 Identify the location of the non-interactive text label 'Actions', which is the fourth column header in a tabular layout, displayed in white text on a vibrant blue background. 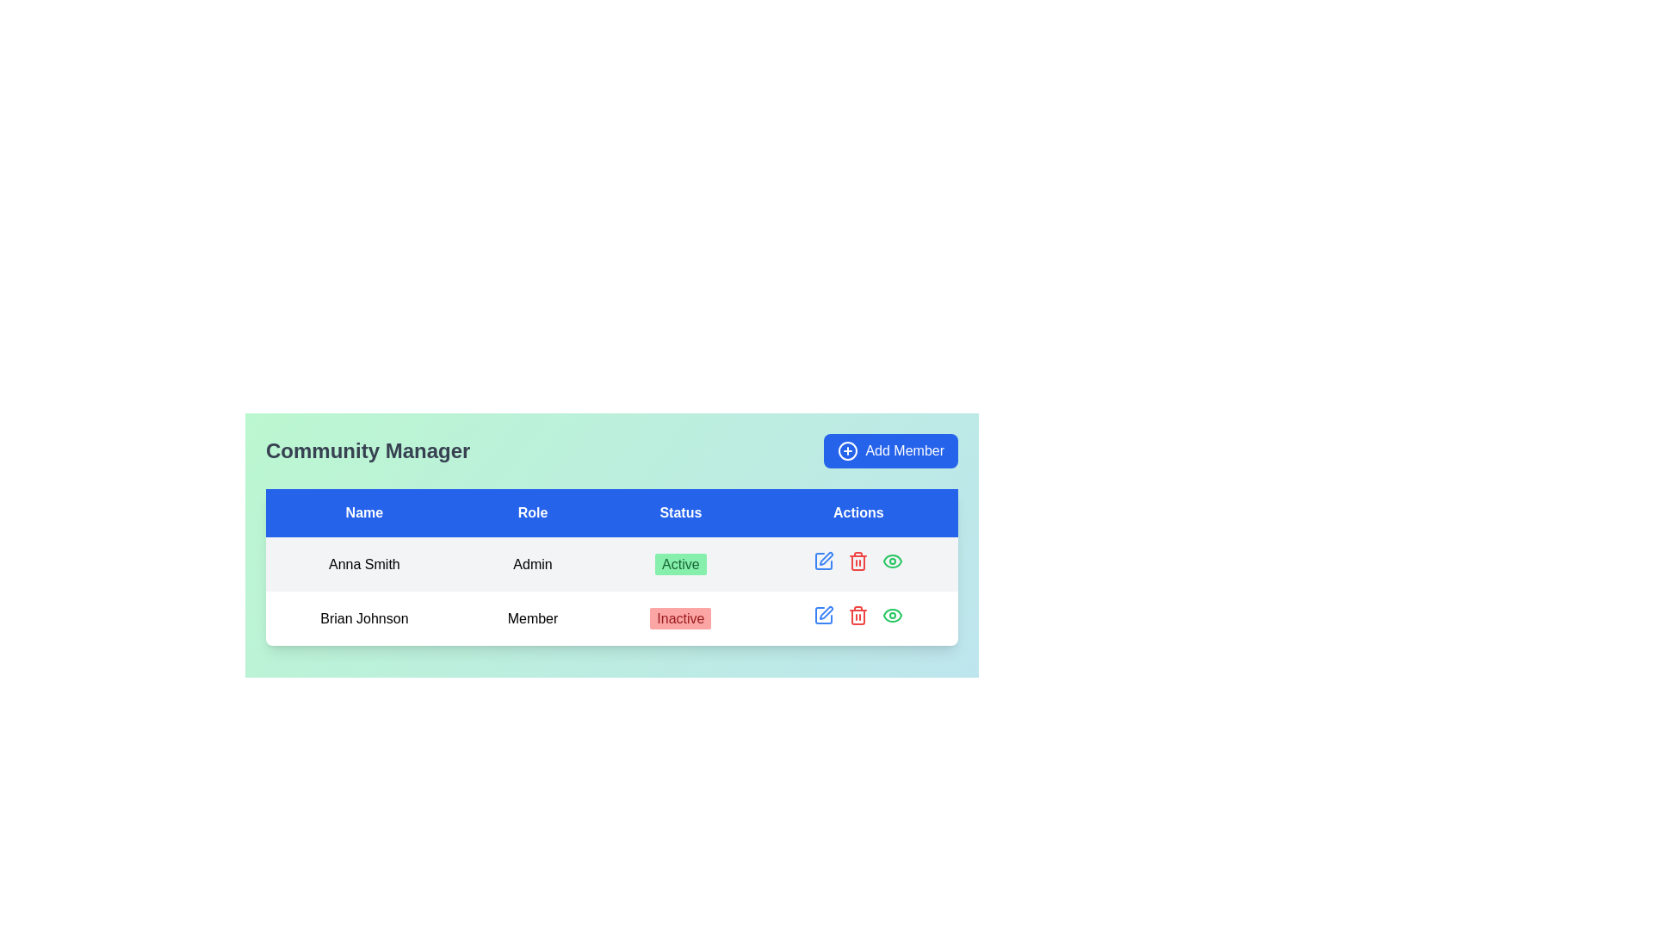
(858, 512).